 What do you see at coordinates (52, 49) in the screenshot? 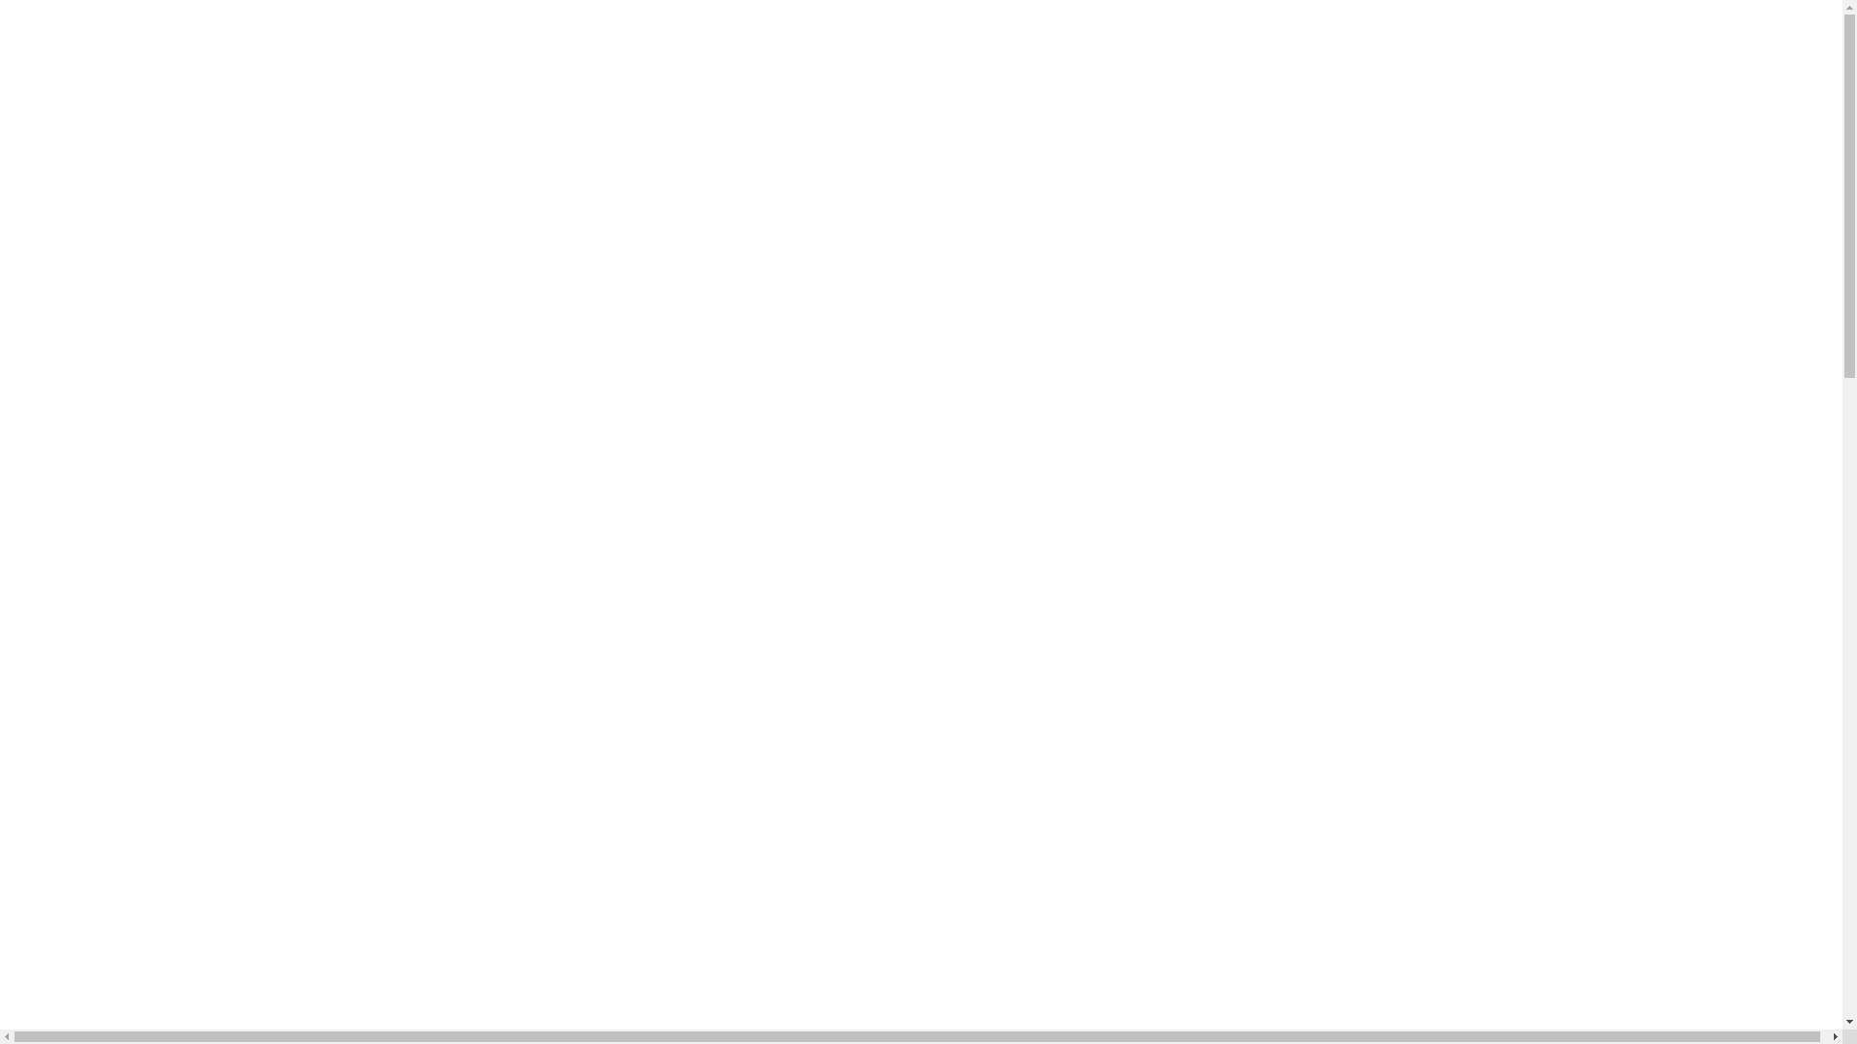
I see `'BOOKMARK'` at bounding box center [52, 49].